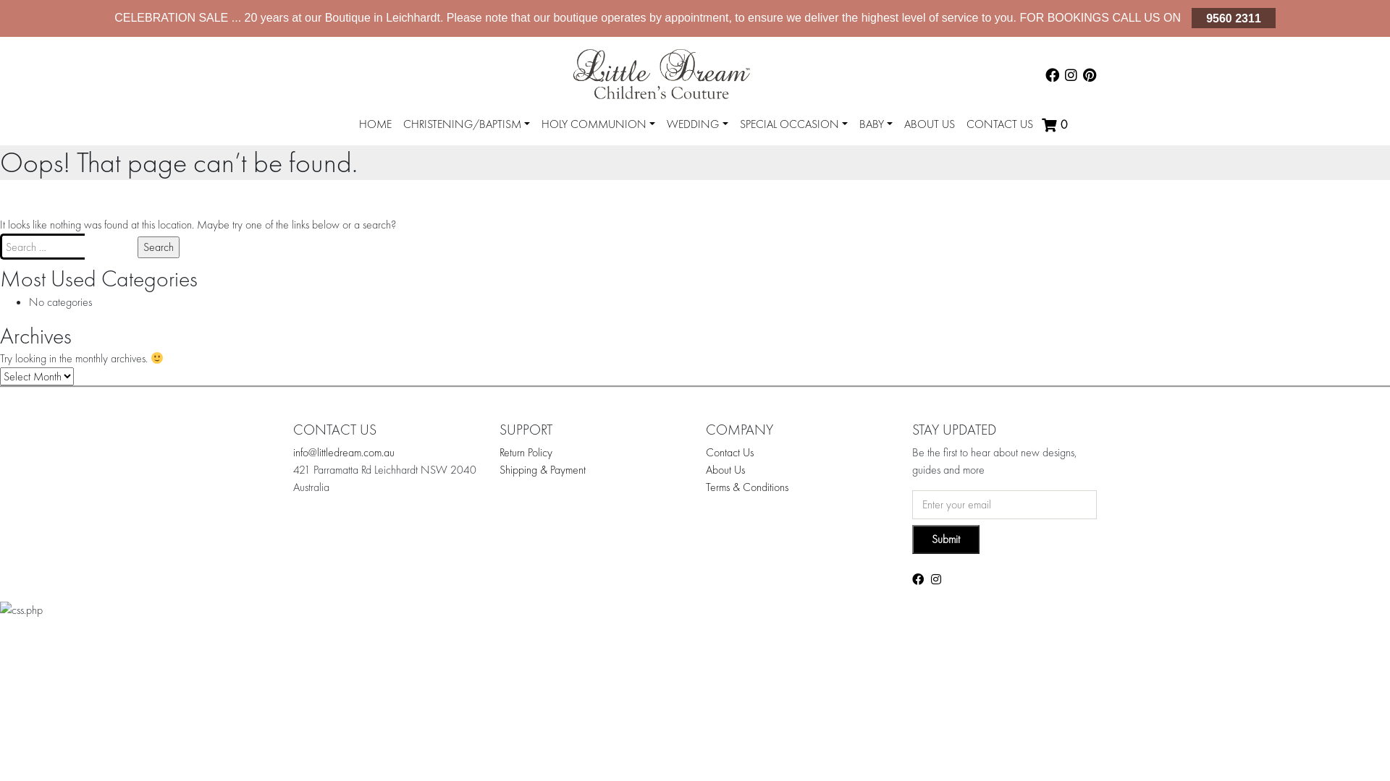 The height and width of the screenshot is (781, 1390). Describe the element at coordinates (875, 124) in the screenshot. I see `'BABY'` at that location.